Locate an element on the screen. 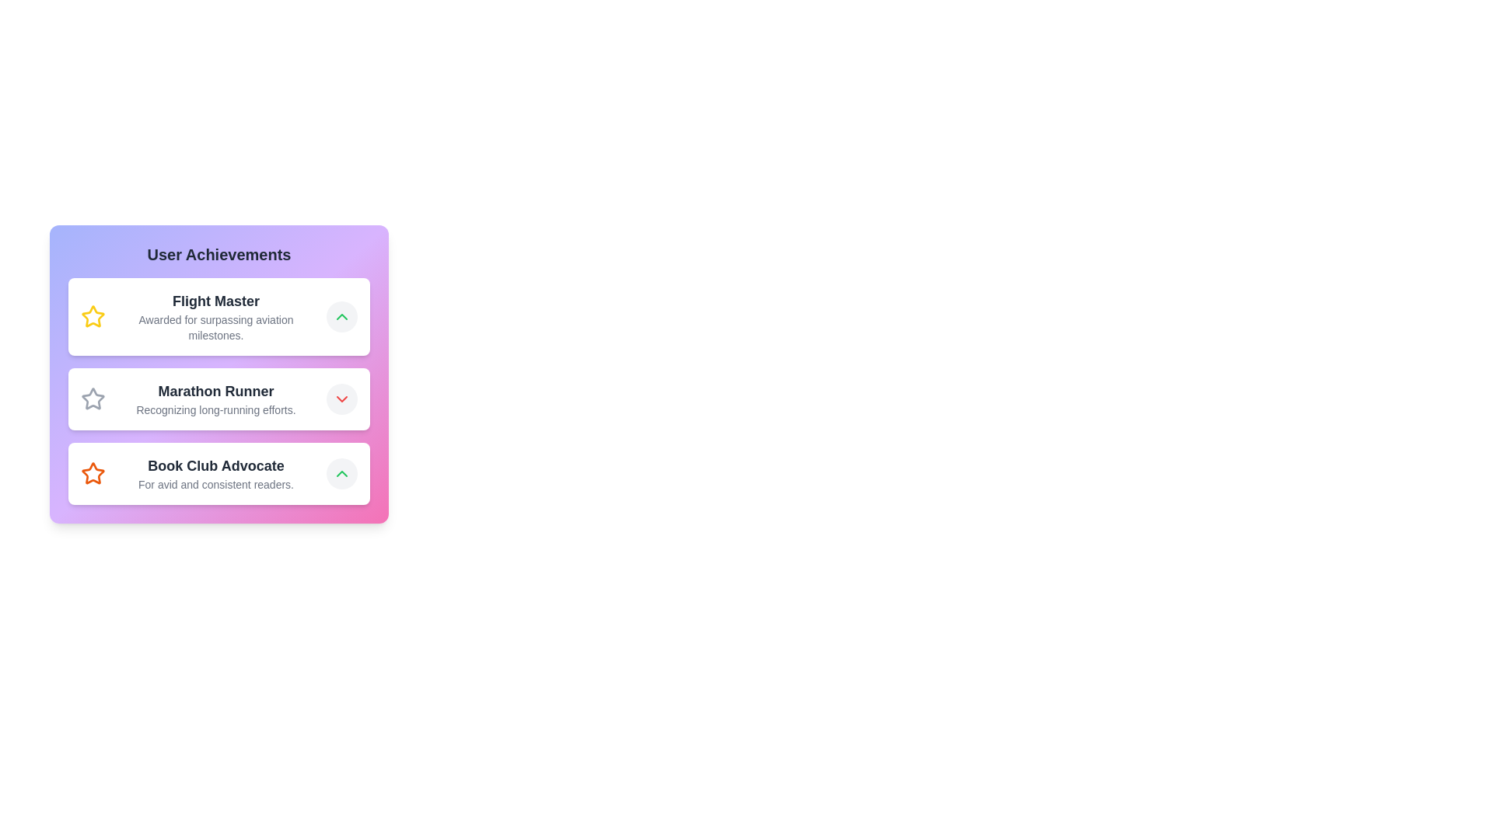 The width and height of the screenshot is (1493, 839). the star icon representing the achievement in the second list item titled 'Marathon Runner' within the achievement panel is located at coordinates (219, 374).